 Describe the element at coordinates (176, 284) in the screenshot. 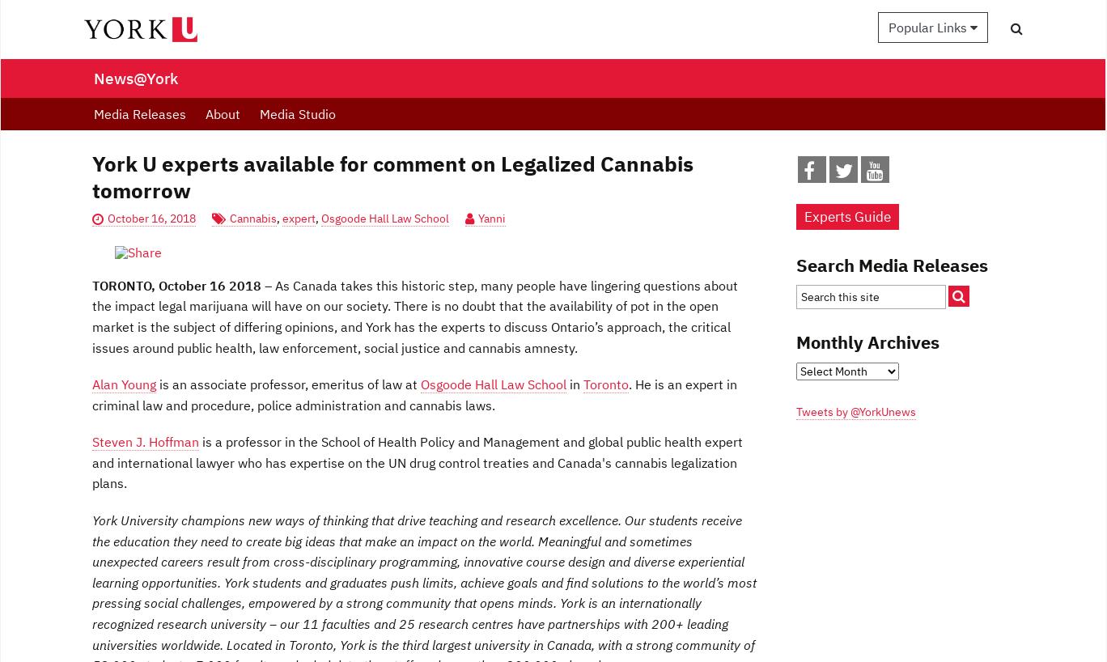

I see `'TORONTO, October 16 2018'` at that location.